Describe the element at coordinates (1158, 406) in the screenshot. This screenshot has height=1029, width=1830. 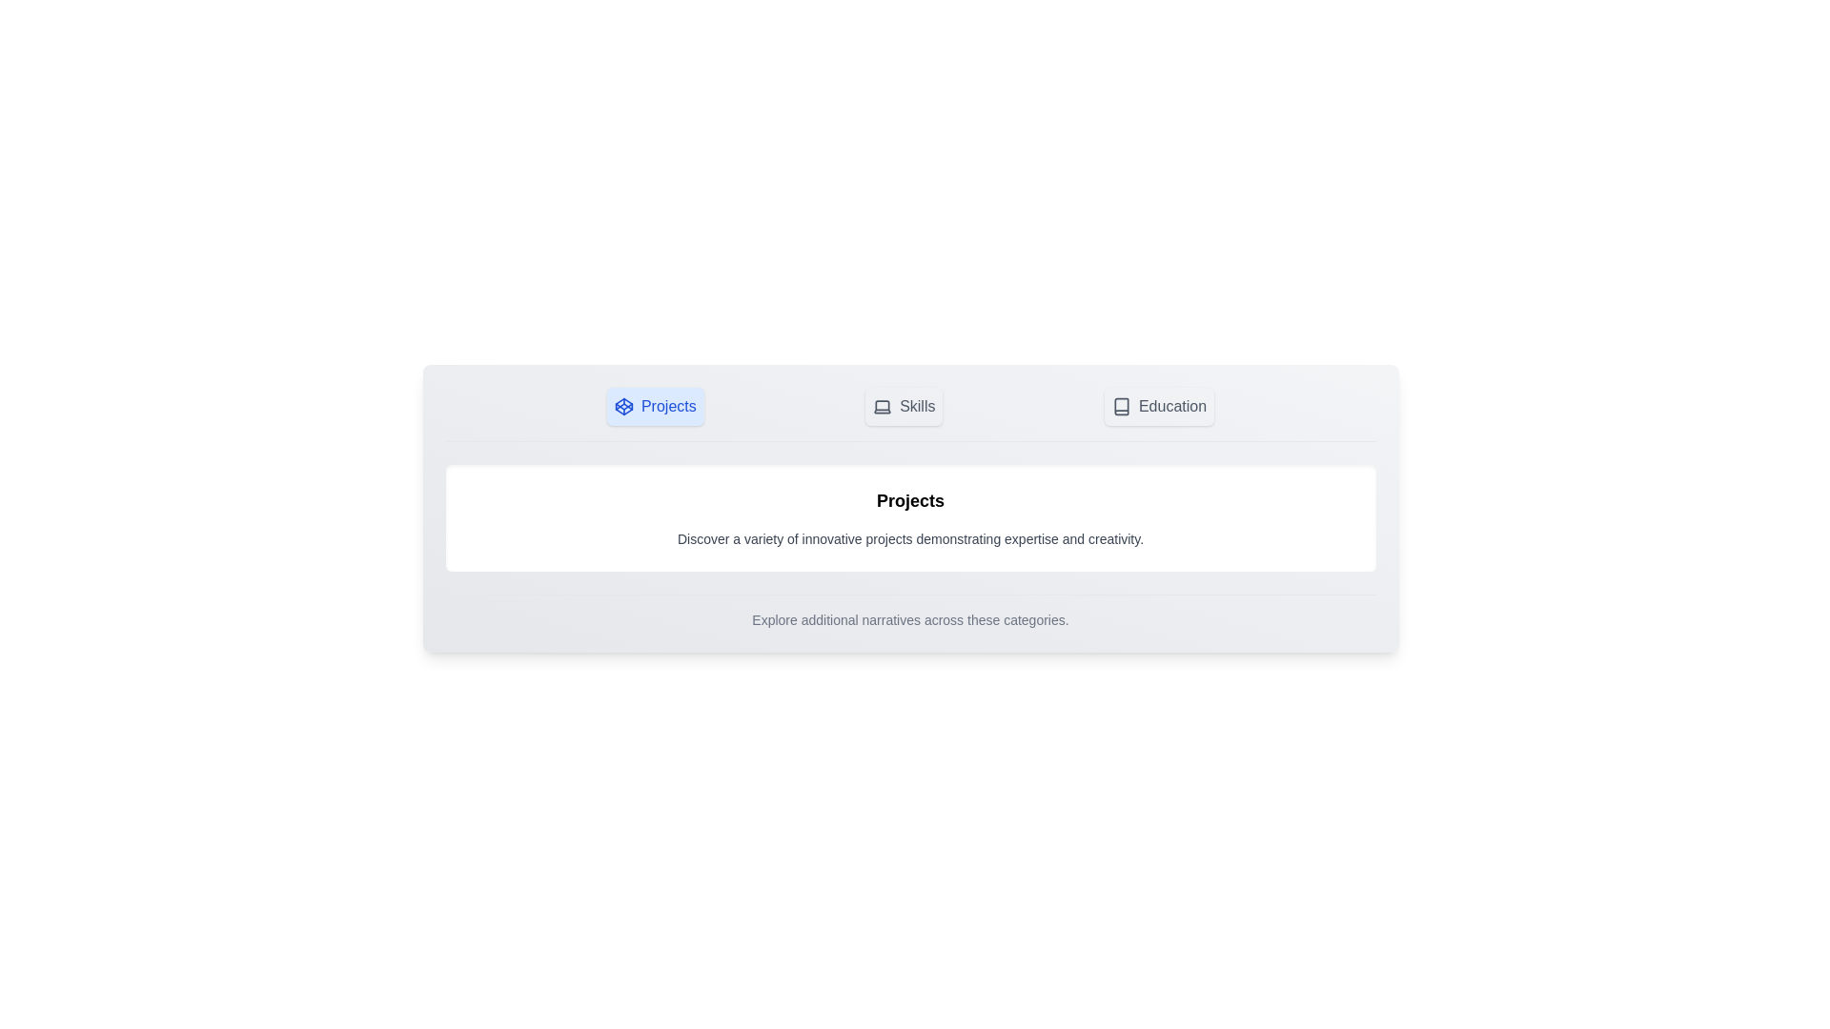
I see `the 'Education' button, which features a book icon on the left and gray text, positioned as the third item in a row of buttons` at that location.